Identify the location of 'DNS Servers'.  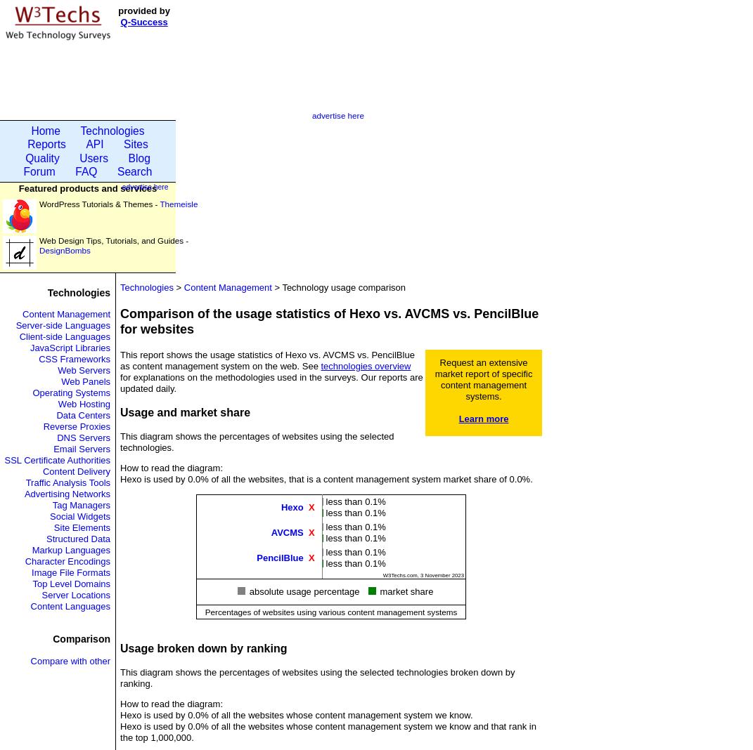
(83, 437).